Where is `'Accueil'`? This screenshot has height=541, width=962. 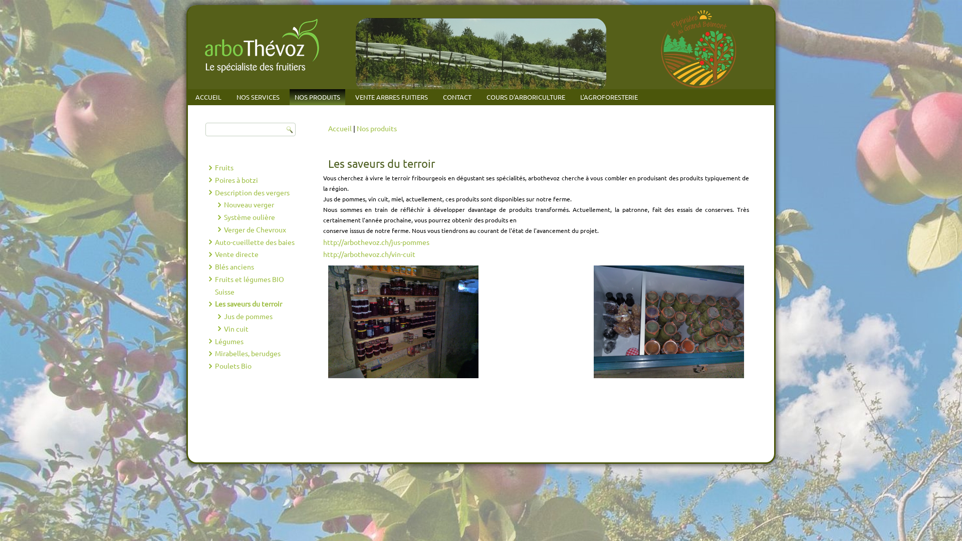
'Accueil' is located at coordinates (340, 127).